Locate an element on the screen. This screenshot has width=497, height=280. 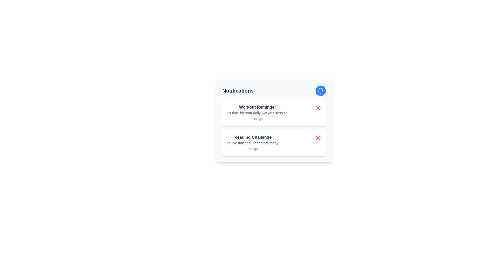
text content of the first 'Workout Reminder' notification card, which is positioned at the top of the notifications list and features a card-like design on a white background is located at coordinates (257, 113).